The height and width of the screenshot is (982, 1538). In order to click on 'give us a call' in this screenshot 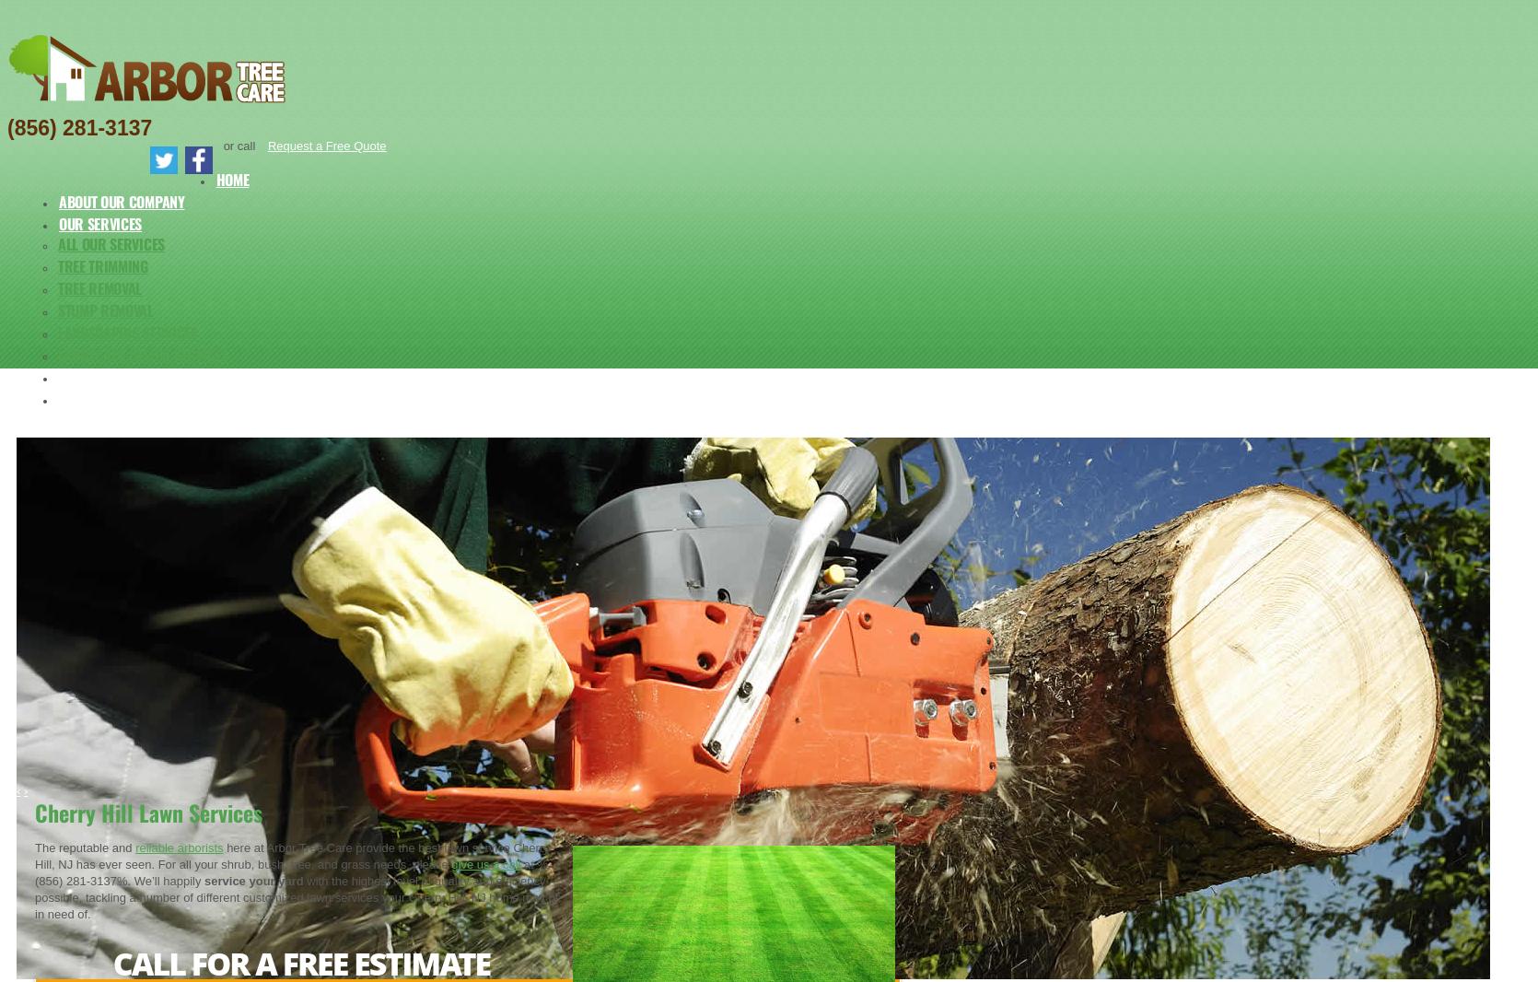, I will do `click(485, 864)`.